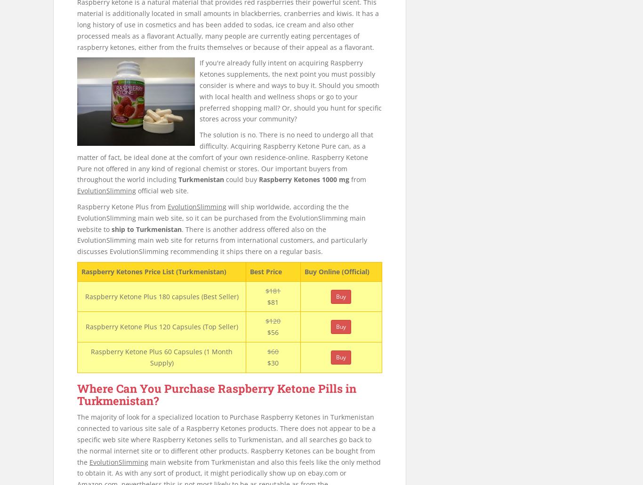 The image size is (643, 485). I want to click on '$60', so click(273, 350).